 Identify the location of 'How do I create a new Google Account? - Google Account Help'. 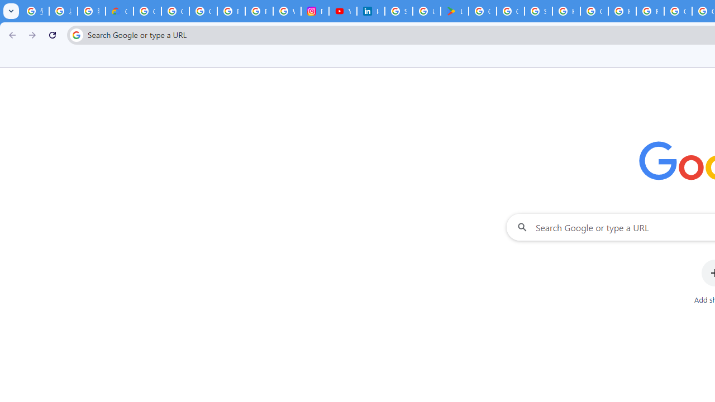
(622, 11).